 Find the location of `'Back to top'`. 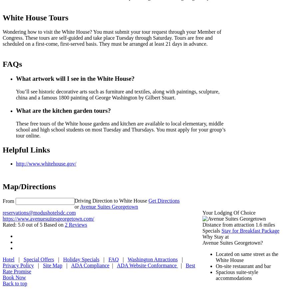

'Back to top' is located at coordinates (15, 283).